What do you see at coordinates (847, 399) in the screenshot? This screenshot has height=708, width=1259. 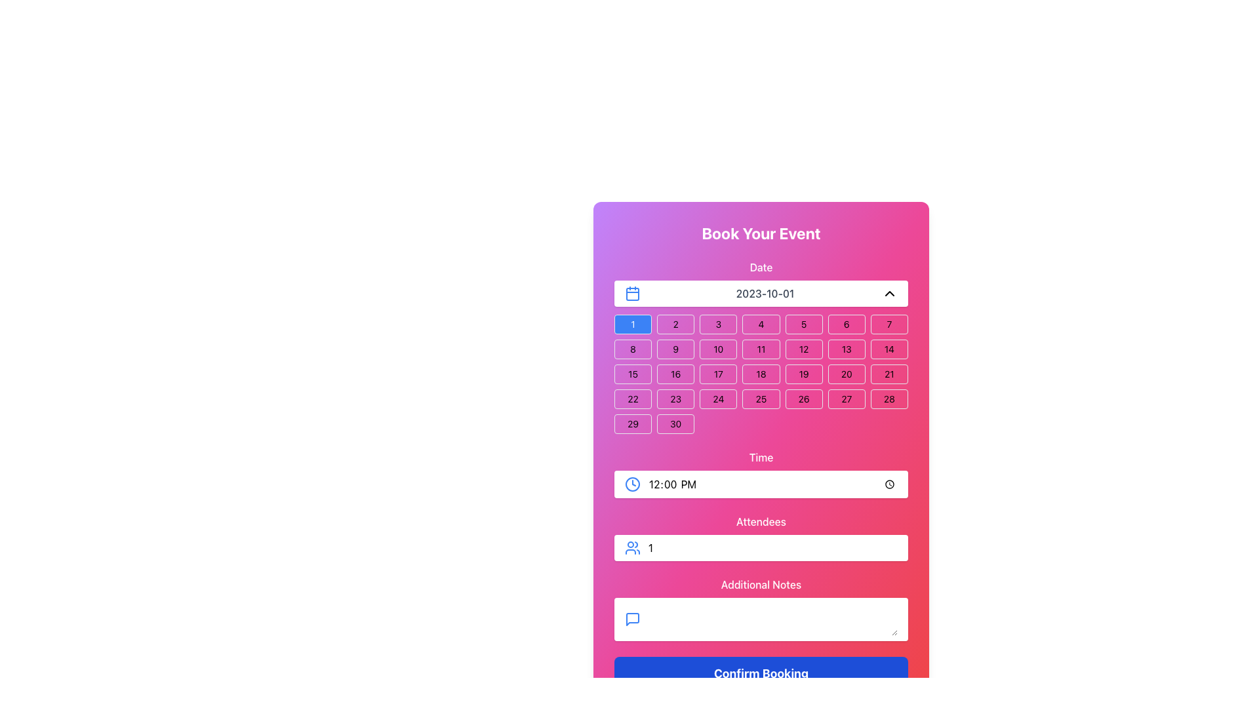 I see `the button representing the 27th day in the calendar interface` at bounding box center [847, 399].